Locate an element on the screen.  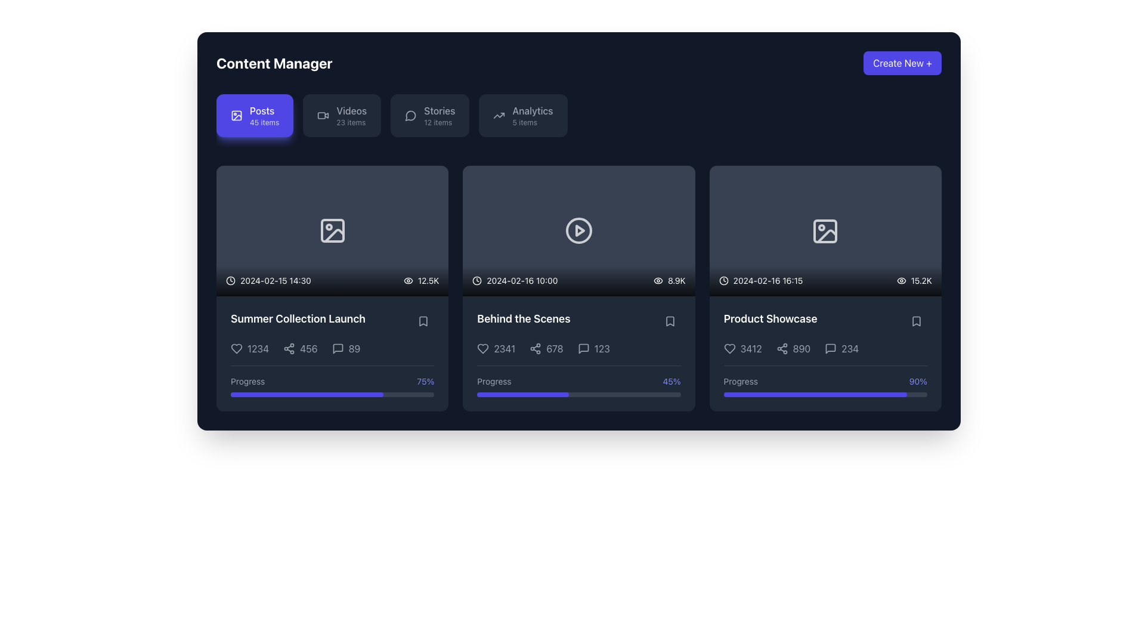
displayed date and time from the static text label located within the second content card labeled 'Behind the Scenes', positioned directly below the image placeholder is located at coordinates (522, 280).